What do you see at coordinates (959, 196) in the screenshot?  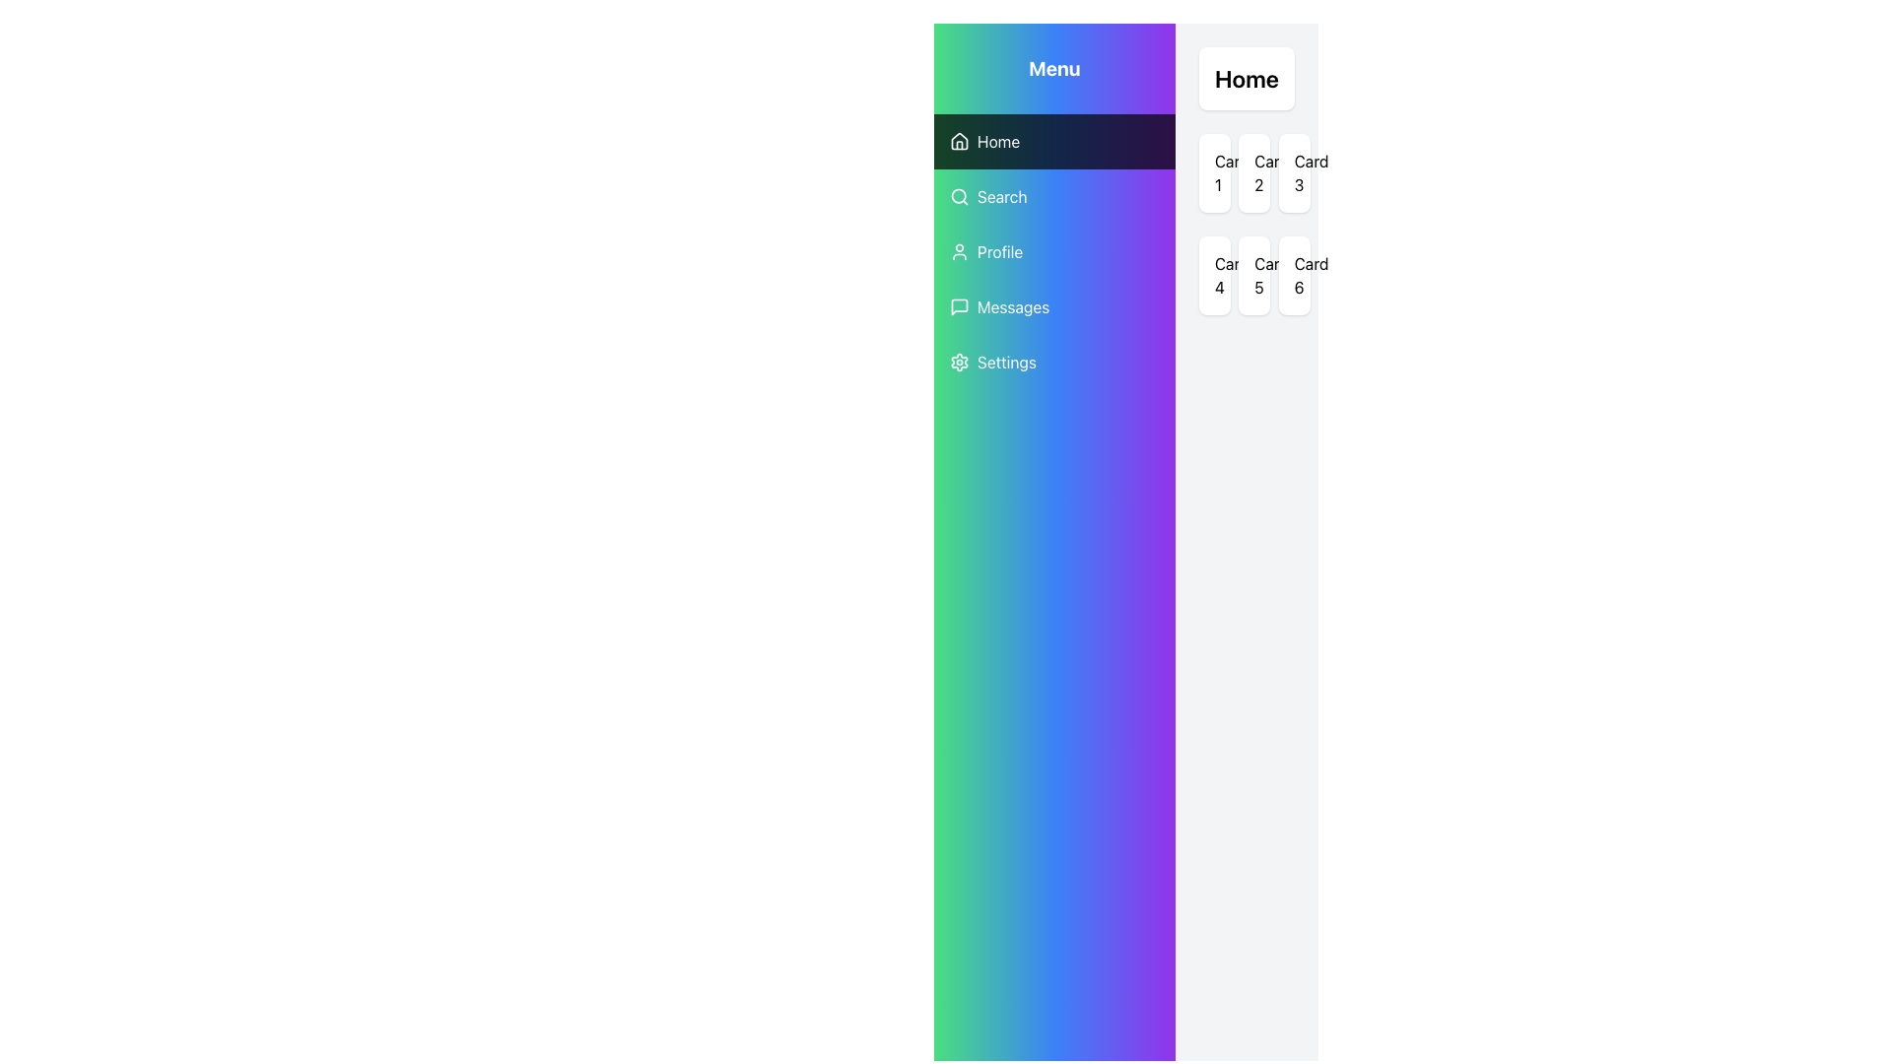 I see `the circular search icon element located in the left sidebar navigation menu, which is the second item labeled 'Search'` at bounding box center [959, 196].